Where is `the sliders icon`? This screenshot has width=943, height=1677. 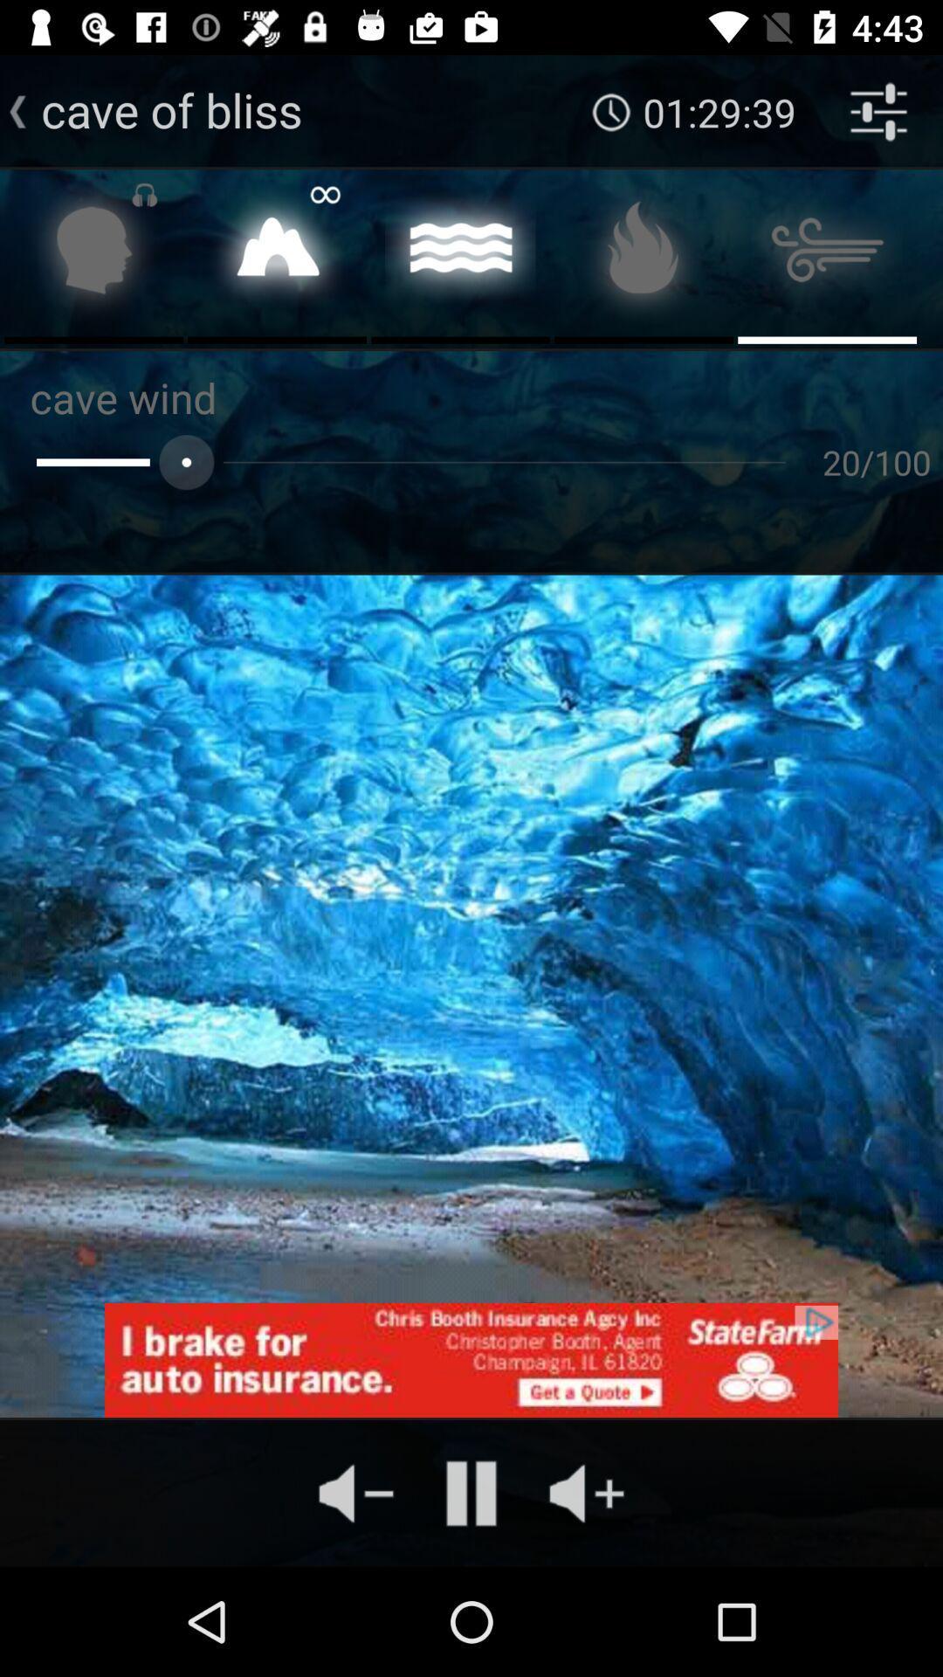
the sliders icon is located at coordinates (878, 111).